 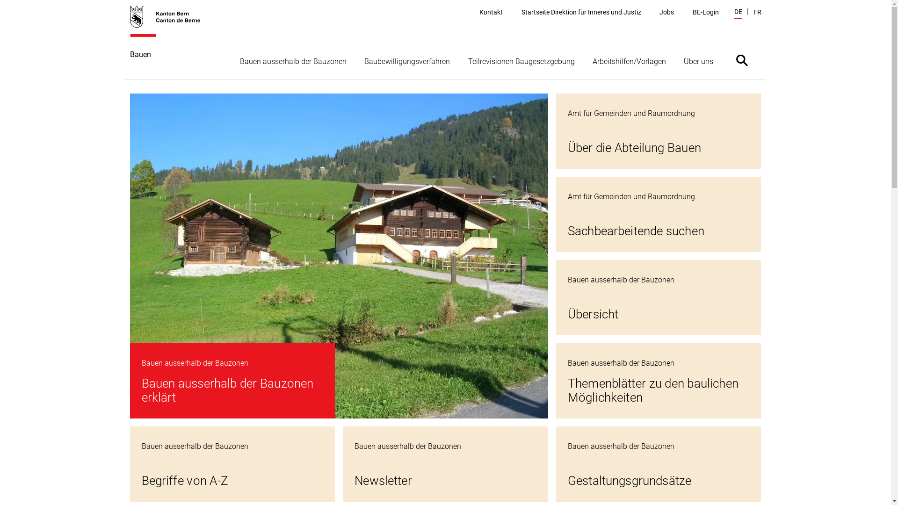 I want to click on 'DE', so click(x=738, y=13).